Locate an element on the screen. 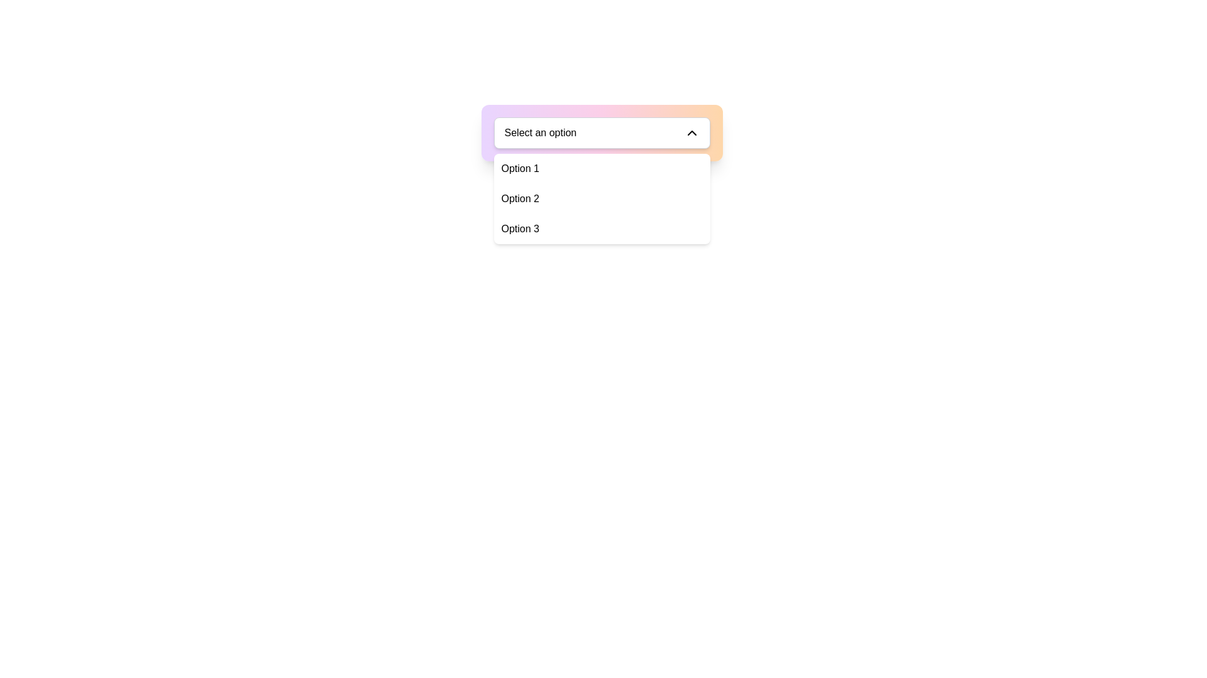  the second selectable option 'Option 2' is located at coordinates (601, 198).